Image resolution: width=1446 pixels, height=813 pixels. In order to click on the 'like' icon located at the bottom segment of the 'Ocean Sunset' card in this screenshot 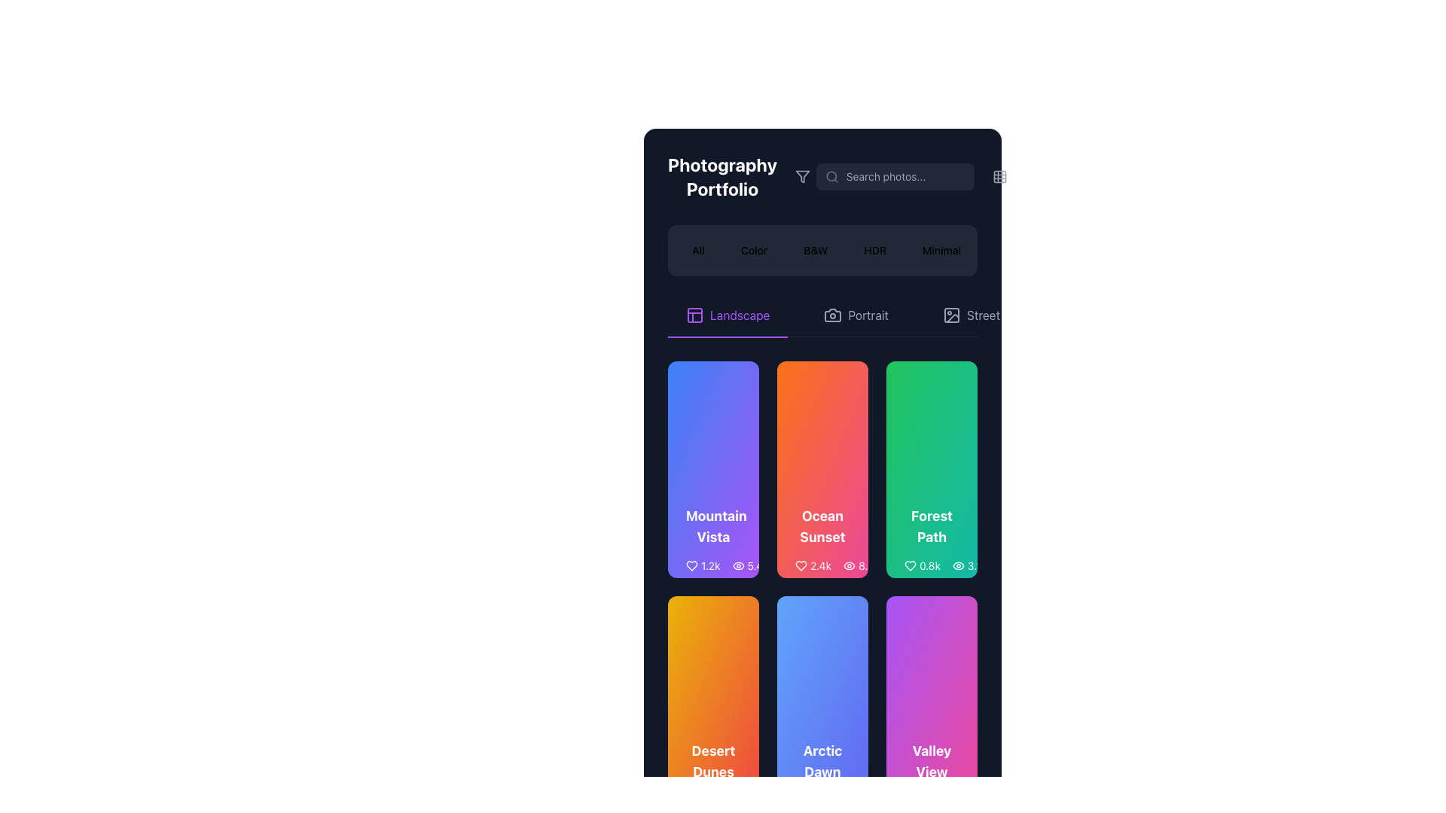, I will do `click(801, 566)`.